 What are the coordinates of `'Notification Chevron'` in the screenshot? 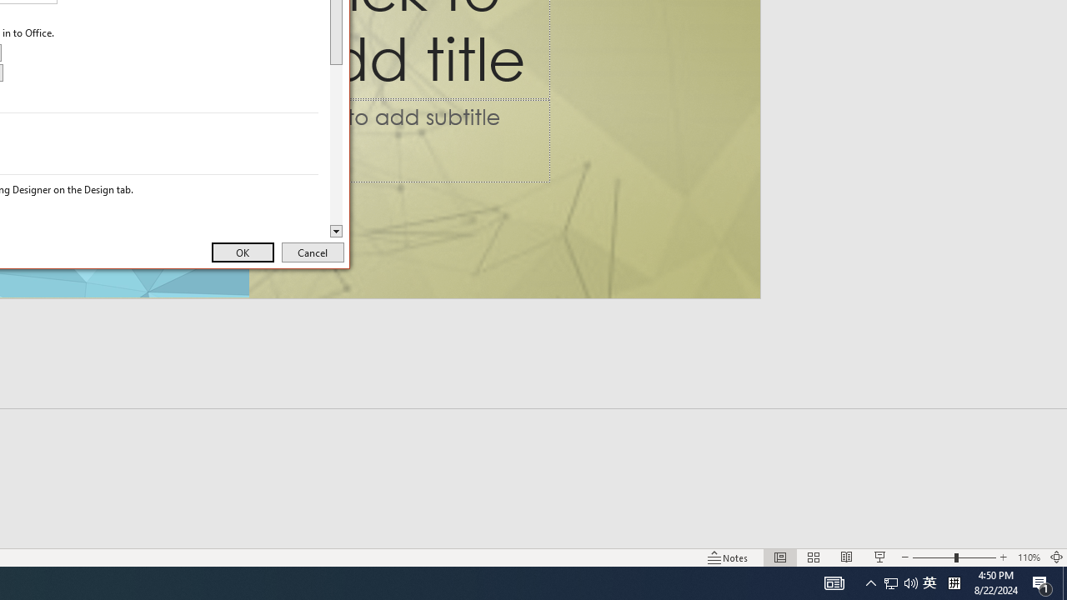 It's located at (870, 582).